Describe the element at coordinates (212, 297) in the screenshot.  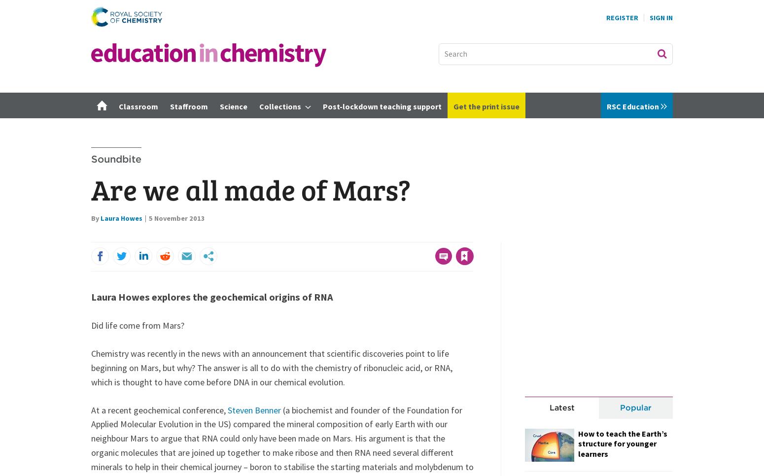
I see `'Laura Howes explores the geochemical origins of RNA'` at that location.